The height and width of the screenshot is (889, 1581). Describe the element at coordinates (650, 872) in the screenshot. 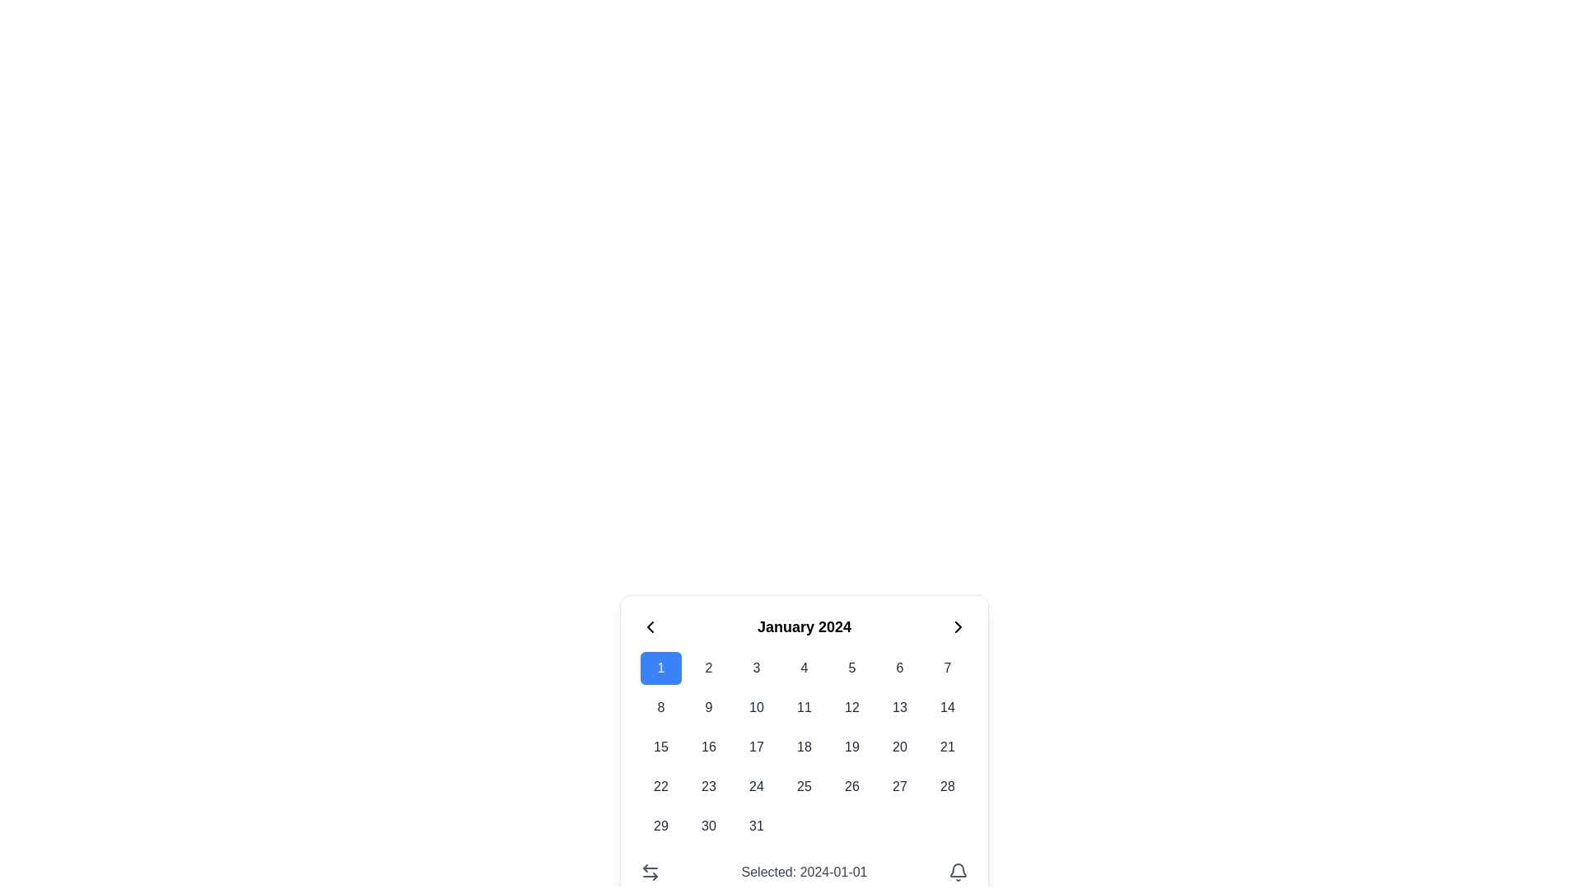

I see `the leftmost icon in the bottom section of the calendar interface` at that location.